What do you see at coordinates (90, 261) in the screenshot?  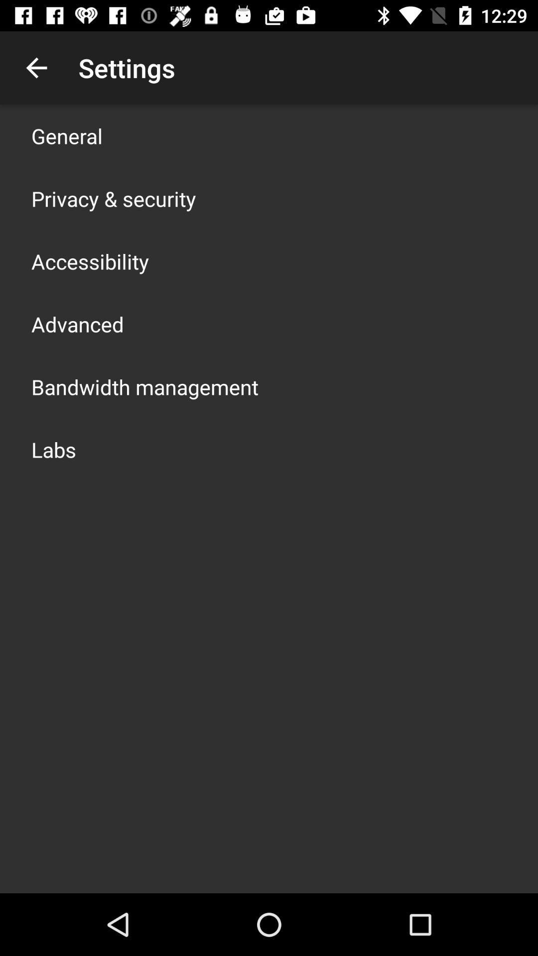 I see `the item above the advanced item` at bounding box center [90, 261].